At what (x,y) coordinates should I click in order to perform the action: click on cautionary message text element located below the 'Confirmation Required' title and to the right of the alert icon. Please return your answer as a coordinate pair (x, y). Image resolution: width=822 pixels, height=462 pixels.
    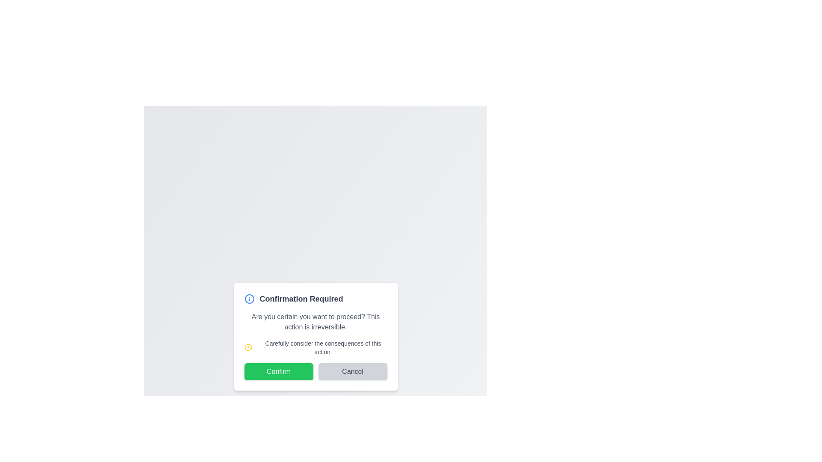
    Looking at the image, I should click on (322, 348).